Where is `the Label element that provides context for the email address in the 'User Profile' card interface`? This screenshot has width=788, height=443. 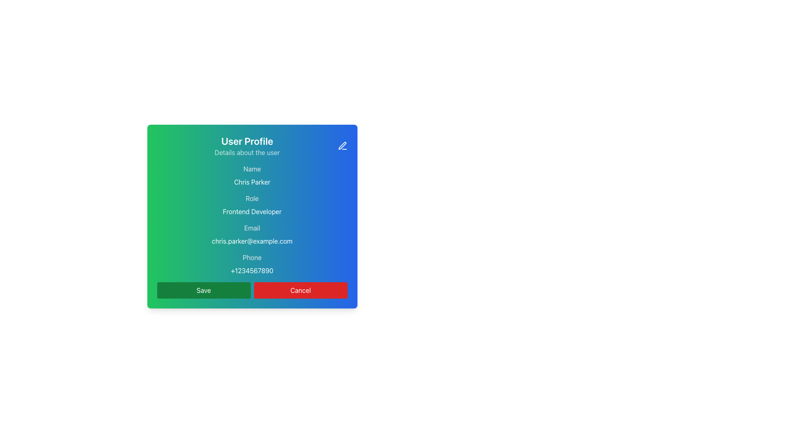
the Label element that provides context for the email address in the 'User Profile' card interface is located at coordinates (252, 228).